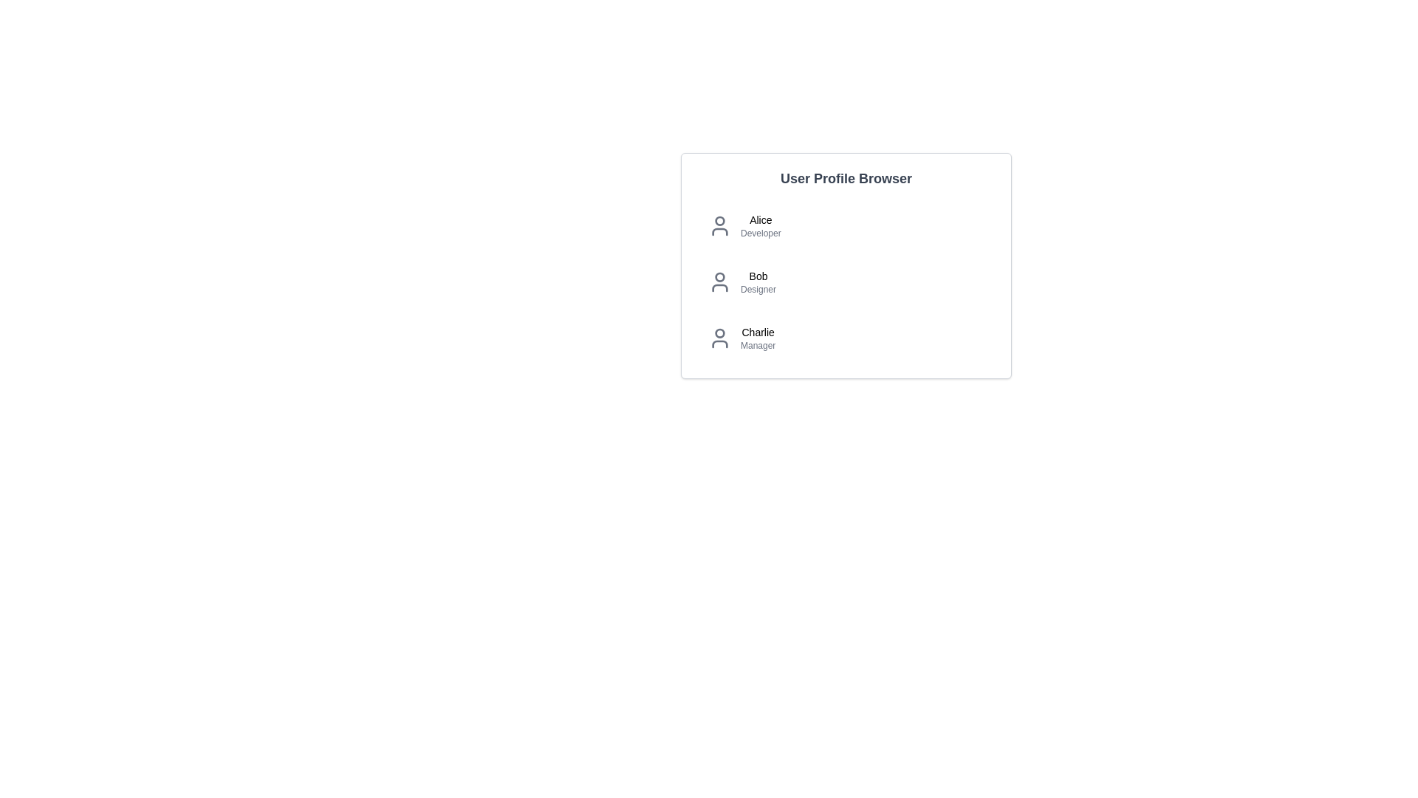  Describe the element at coordinates (719, 276) in the screenshot. I see `the circle element within the user profile icon adjacent to the label 'Bob - Designer', which is the second icon in the vertical list` at that location.